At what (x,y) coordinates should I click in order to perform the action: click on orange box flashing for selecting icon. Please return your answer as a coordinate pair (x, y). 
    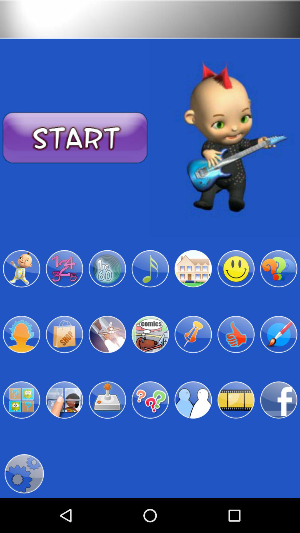
    Looking at the image, I should click on (107, 400).